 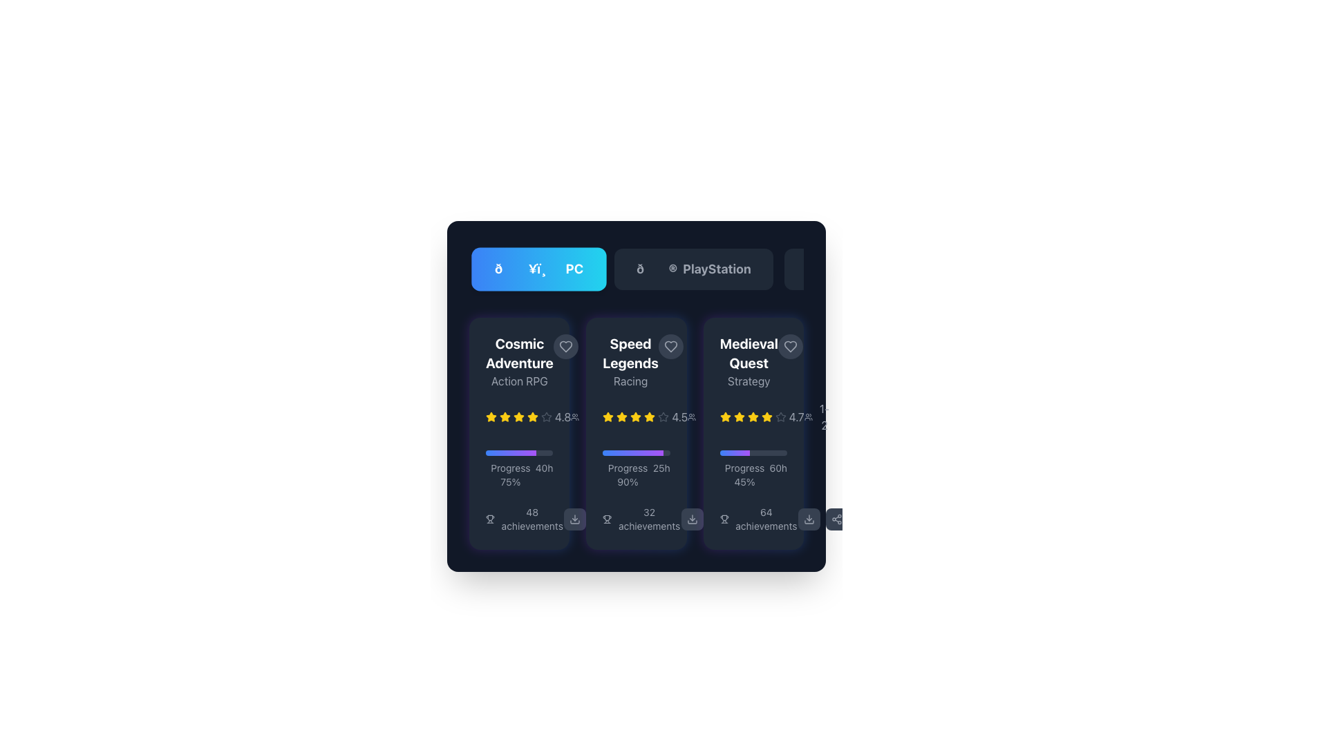 What do you see at coordinates (670, 345) in the screenshot?
I see `the 'Speed Legends' favorite icon located in the upper-right corner of the 'Speed Legends' card` at bounding box center [670, 345].